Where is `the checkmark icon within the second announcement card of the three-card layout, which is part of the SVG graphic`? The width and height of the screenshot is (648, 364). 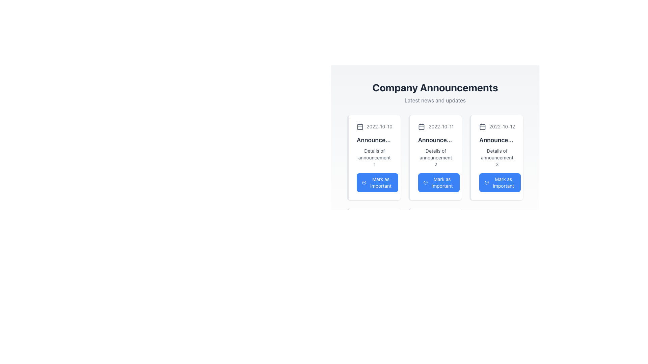
the checkmark icon within the second announcement card of the three-card layout, which is part of the SVG graphic is located at coordinates (425, 183).